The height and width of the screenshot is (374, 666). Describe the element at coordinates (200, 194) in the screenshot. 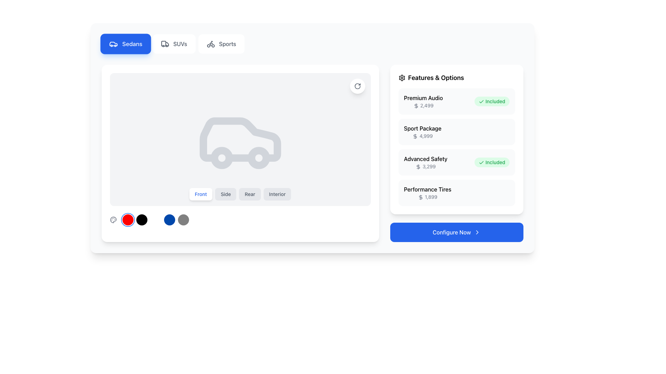

I see `the 'Front' button, which is a rounded rectangular button with a white background and blue text, to emphasize or highlight it visually` at that location.